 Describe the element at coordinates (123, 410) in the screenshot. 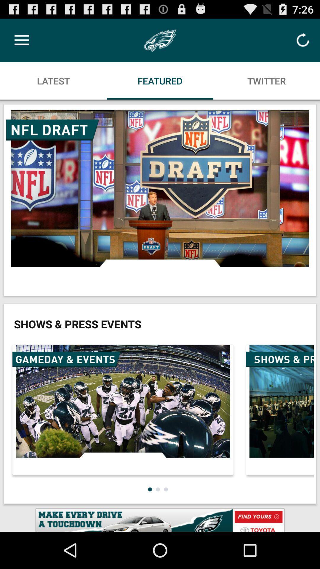

I see `the first image under shows  press events` at that location.